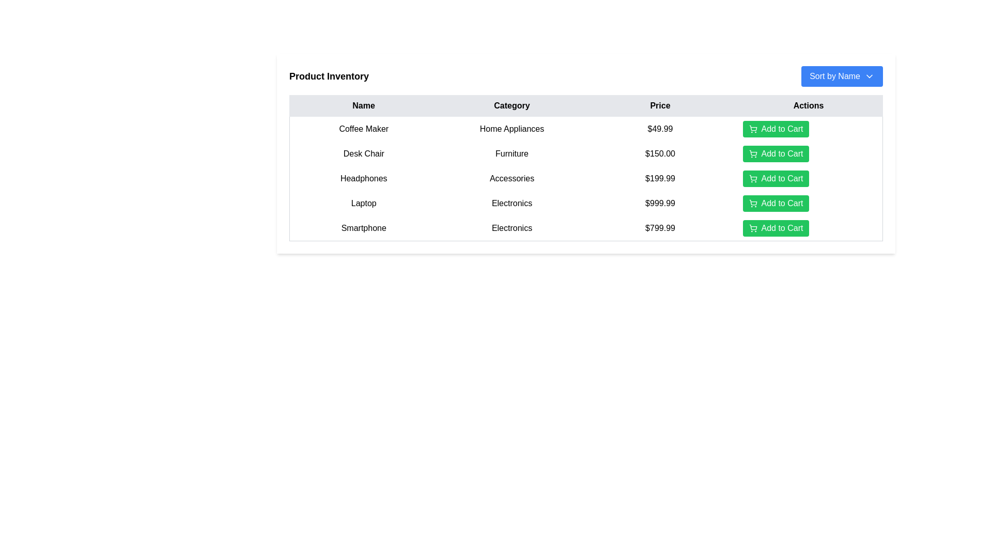  Describe the element at coordinates (776, 203) in the screenshot. I see `the bright green 'Add to Cart' button with a shopping cart icon, located in the 'Actions' column for the product 'Laptop', to navigate via keyboard` at that location.